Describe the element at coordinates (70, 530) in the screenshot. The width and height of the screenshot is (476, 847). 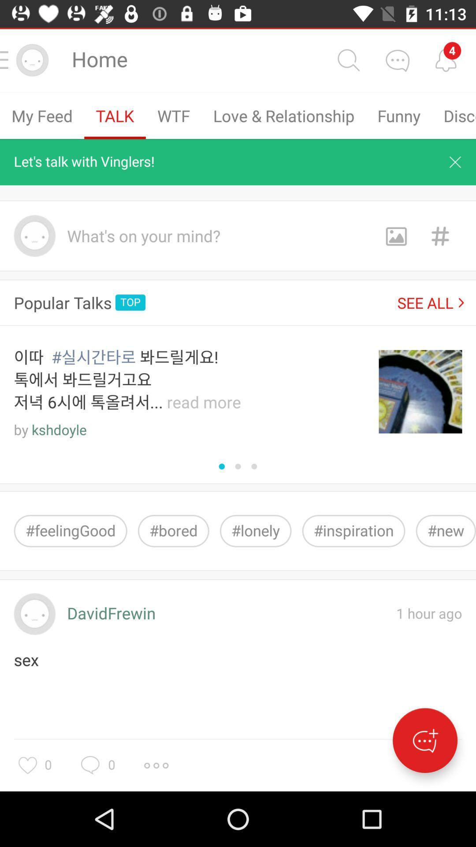
I see `#feelinggood` at that location.